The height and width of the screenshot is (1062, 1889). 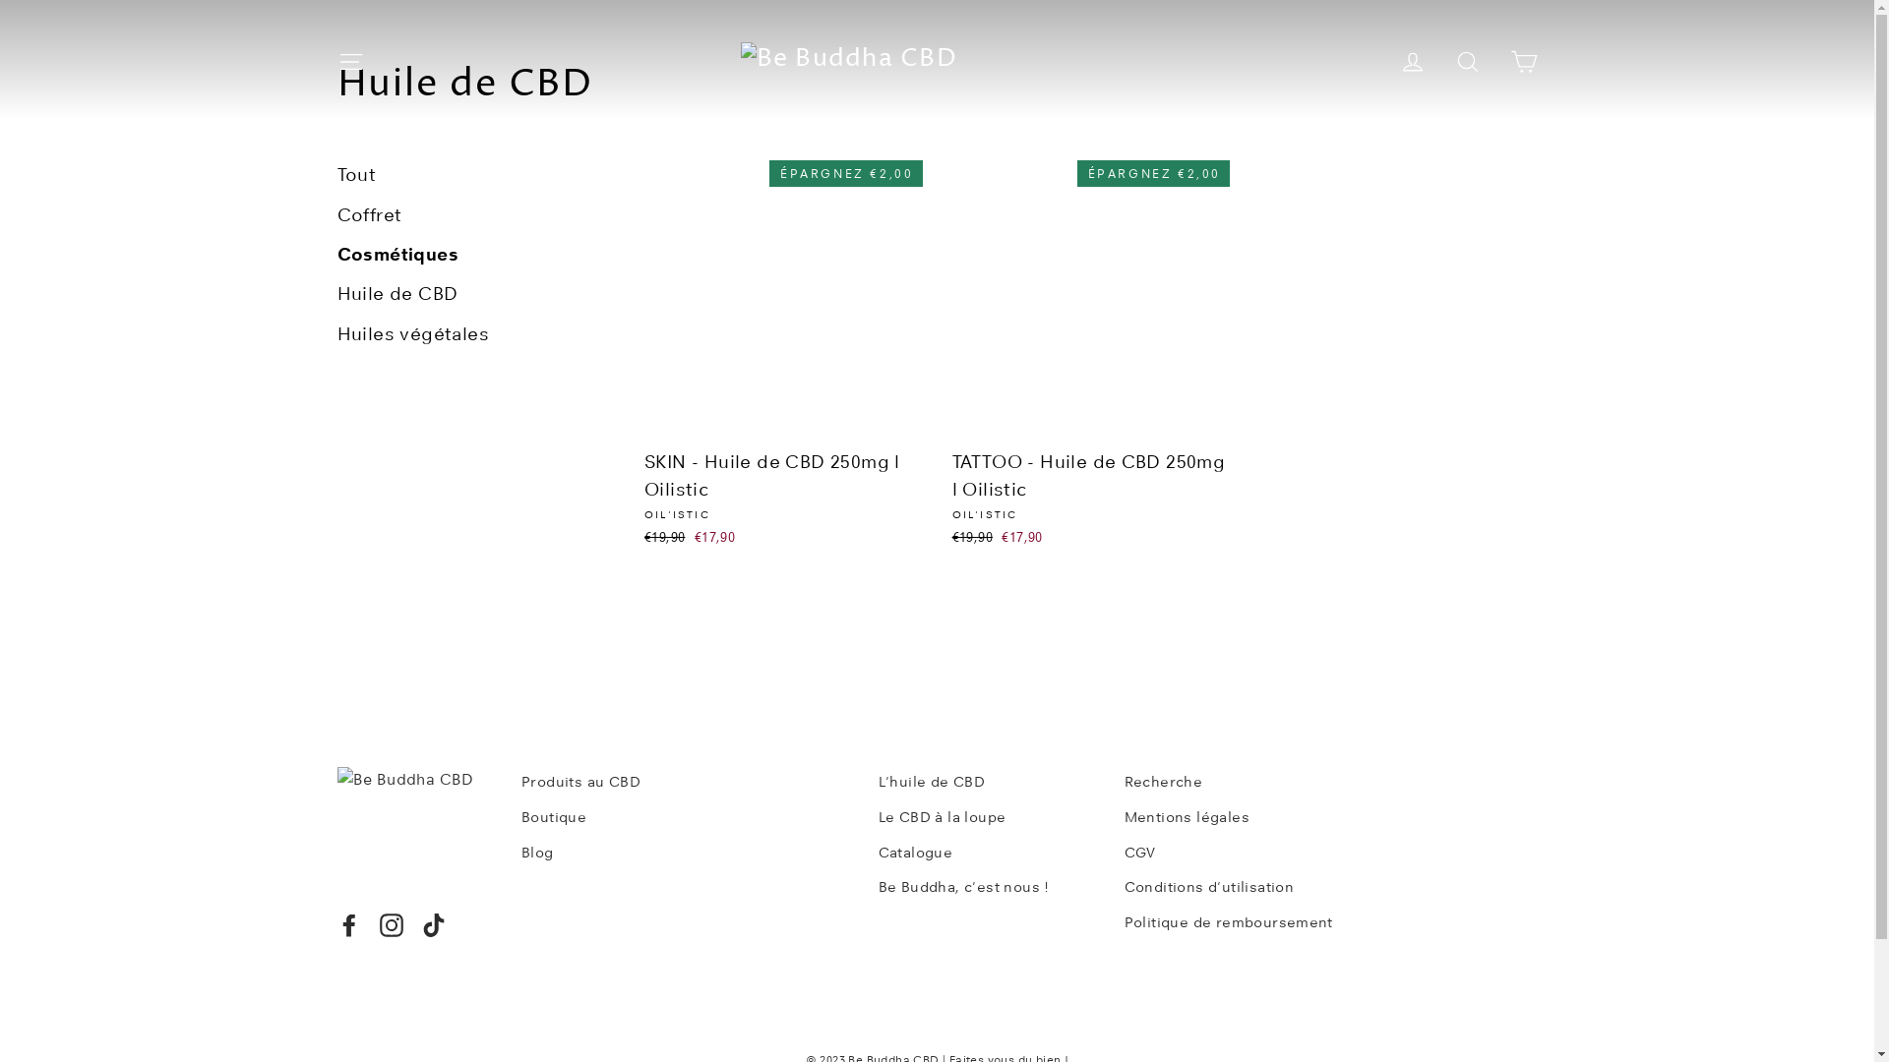 I want to click on 'Panier', so click(x=1522, y=58).